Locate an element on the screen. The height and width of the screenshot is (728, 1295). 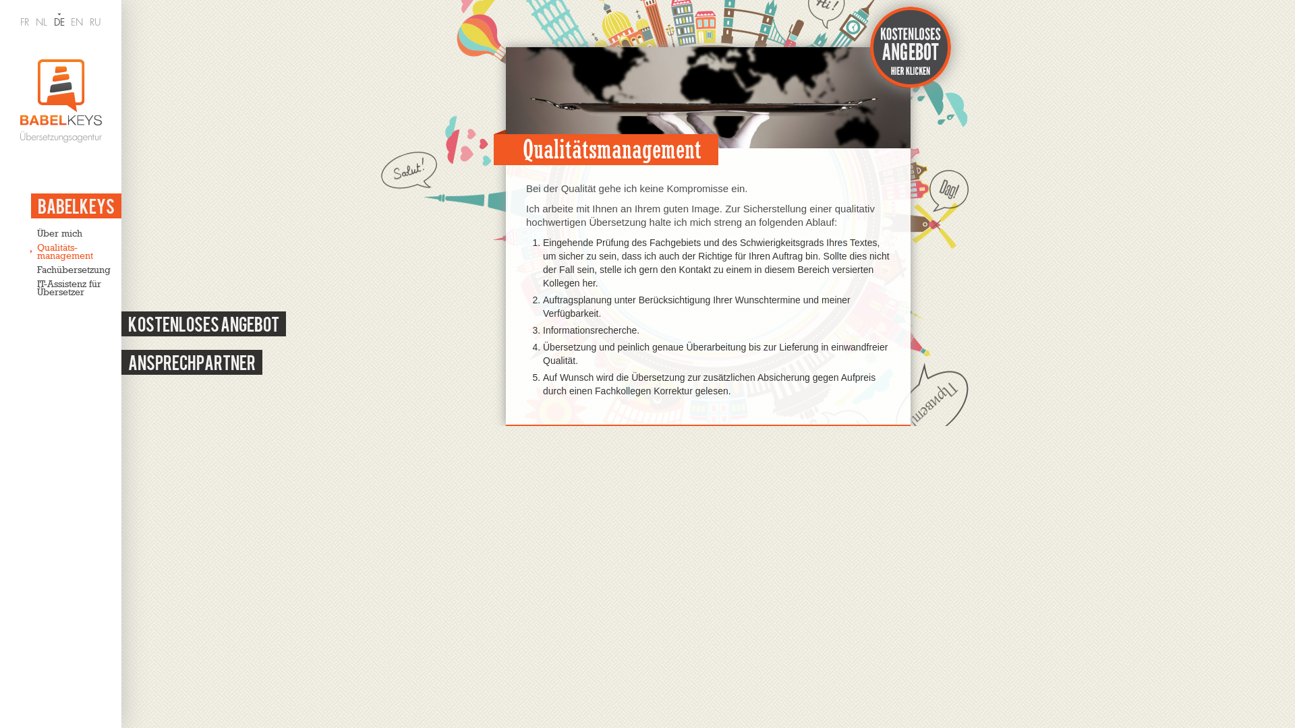
'Babelkeys' is located at coordinates (76, 206).